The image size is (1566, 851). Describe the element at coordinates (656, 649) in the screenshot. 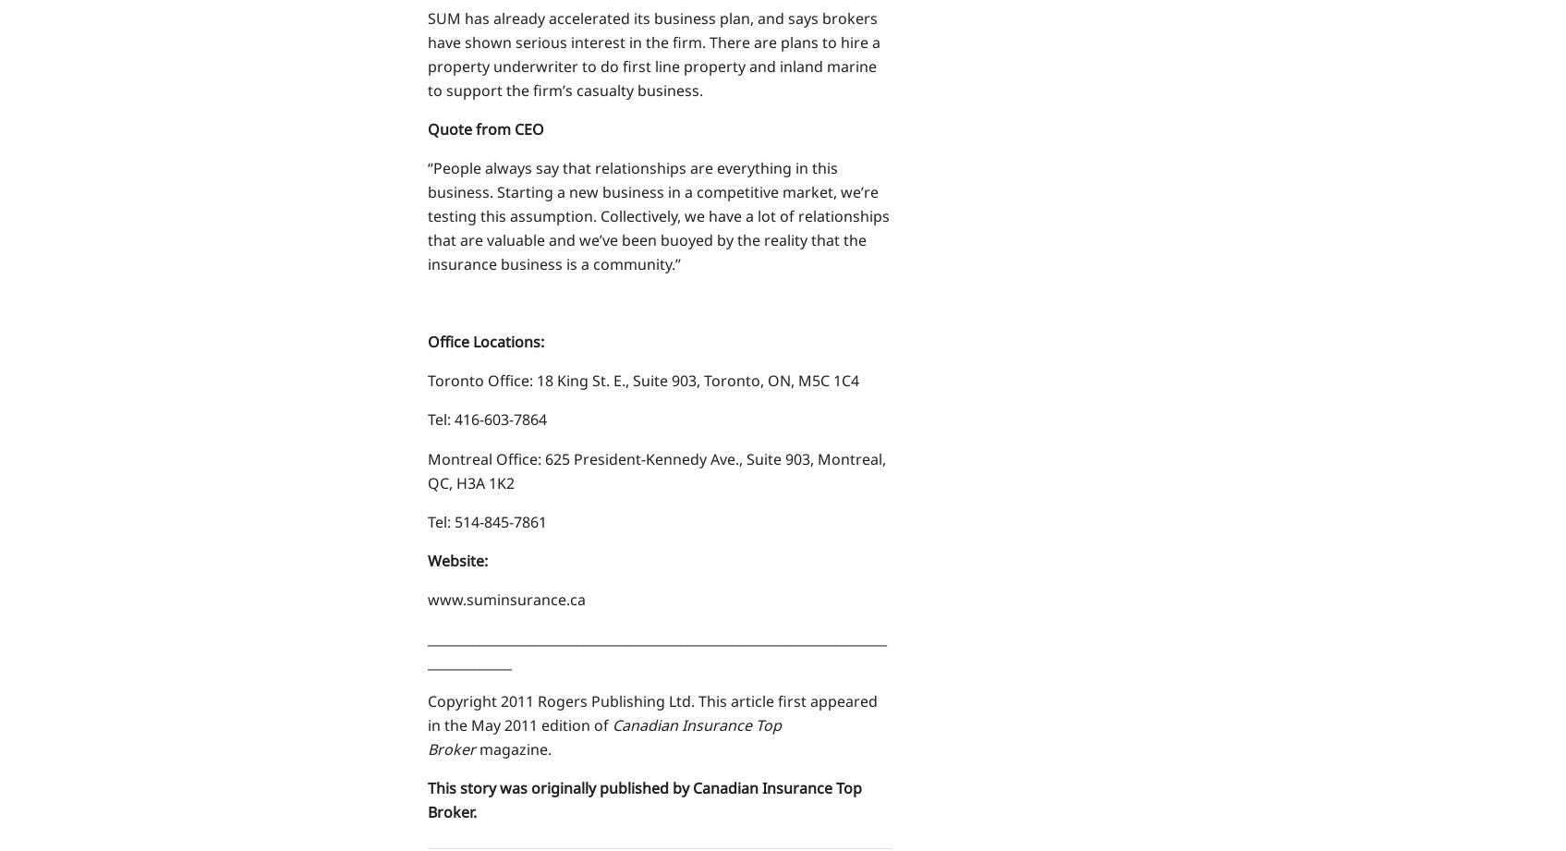

I see `'____________________________________________________________________________________'` at that location.